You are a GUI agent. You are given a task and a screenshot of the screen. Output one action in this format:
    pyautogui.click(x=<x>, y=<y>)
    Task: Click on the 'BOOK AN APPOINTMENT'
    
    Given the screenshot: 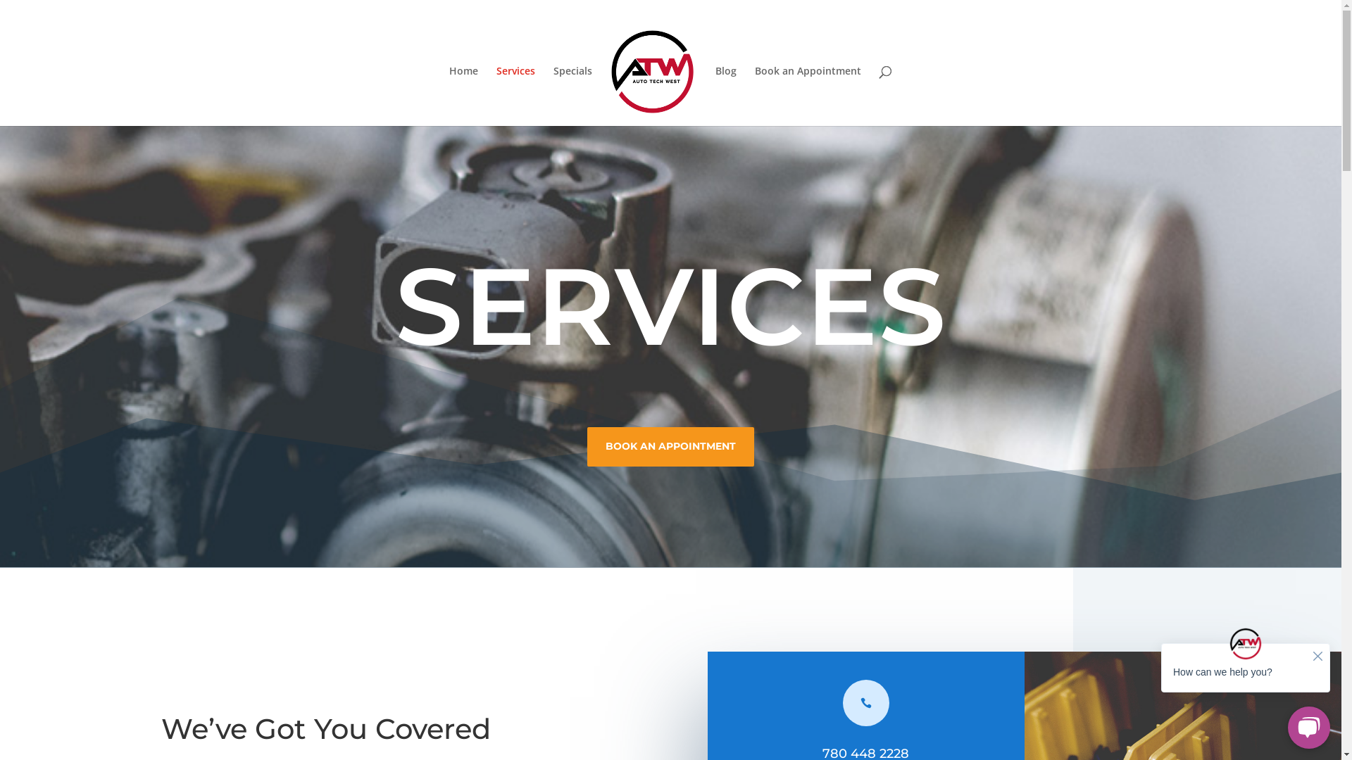 What is the action you would take?
    pyautogui.click(x=670, y=447)
    